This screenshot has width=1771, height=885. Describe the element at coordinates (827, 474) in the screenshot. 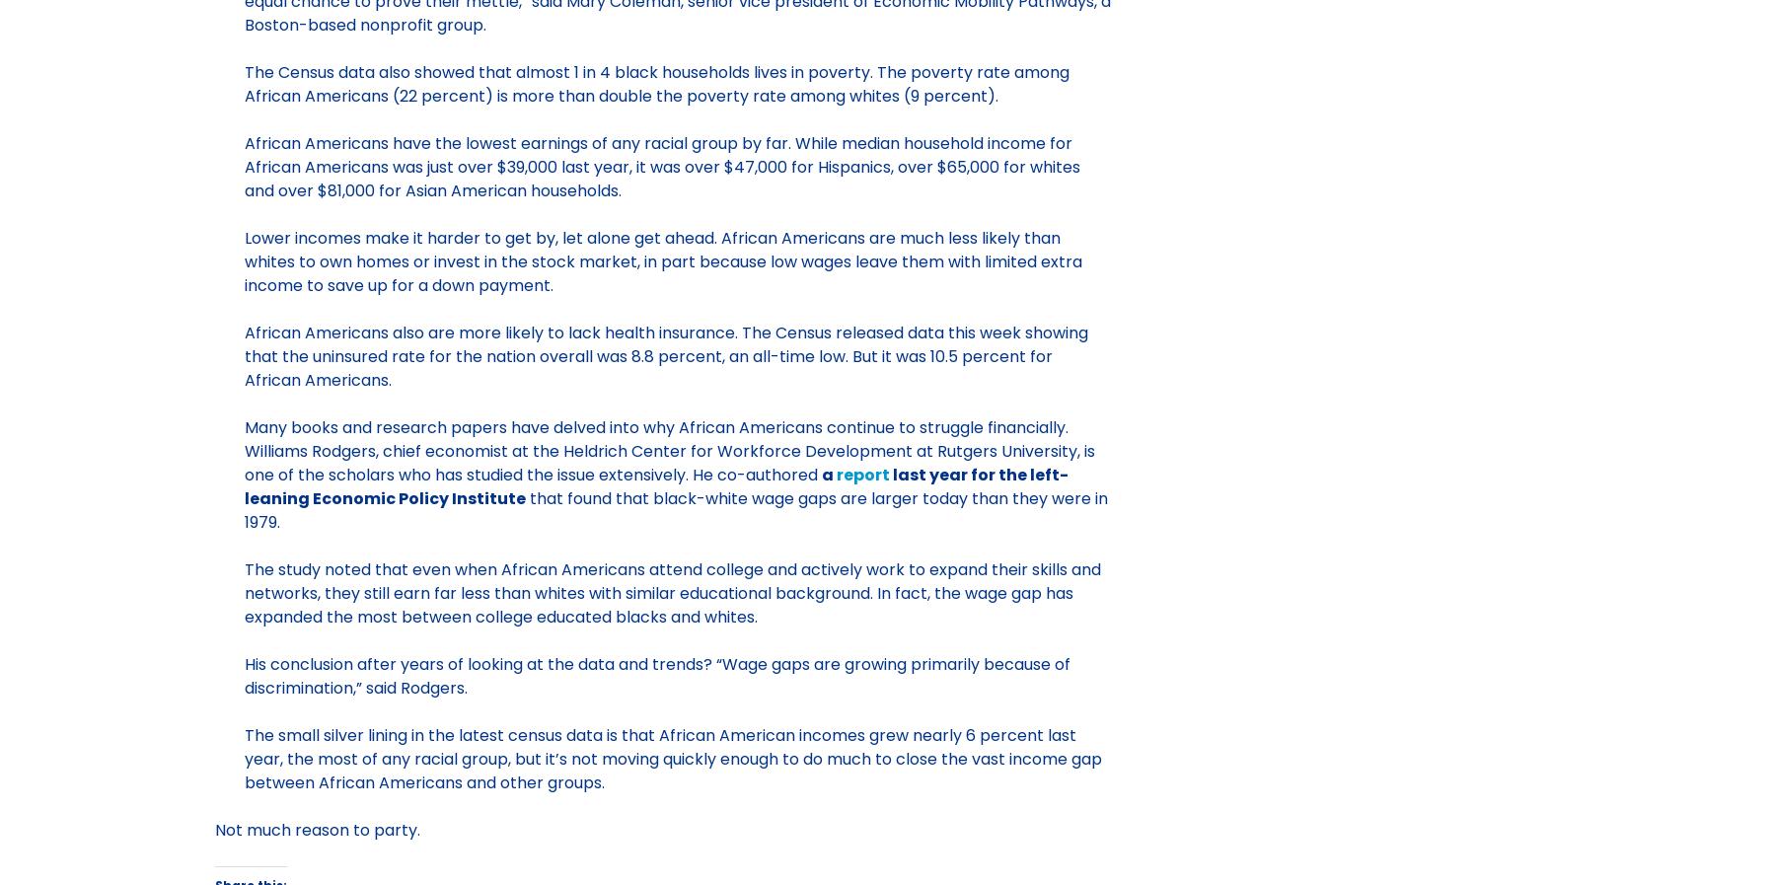

I see `'a'` at that location.